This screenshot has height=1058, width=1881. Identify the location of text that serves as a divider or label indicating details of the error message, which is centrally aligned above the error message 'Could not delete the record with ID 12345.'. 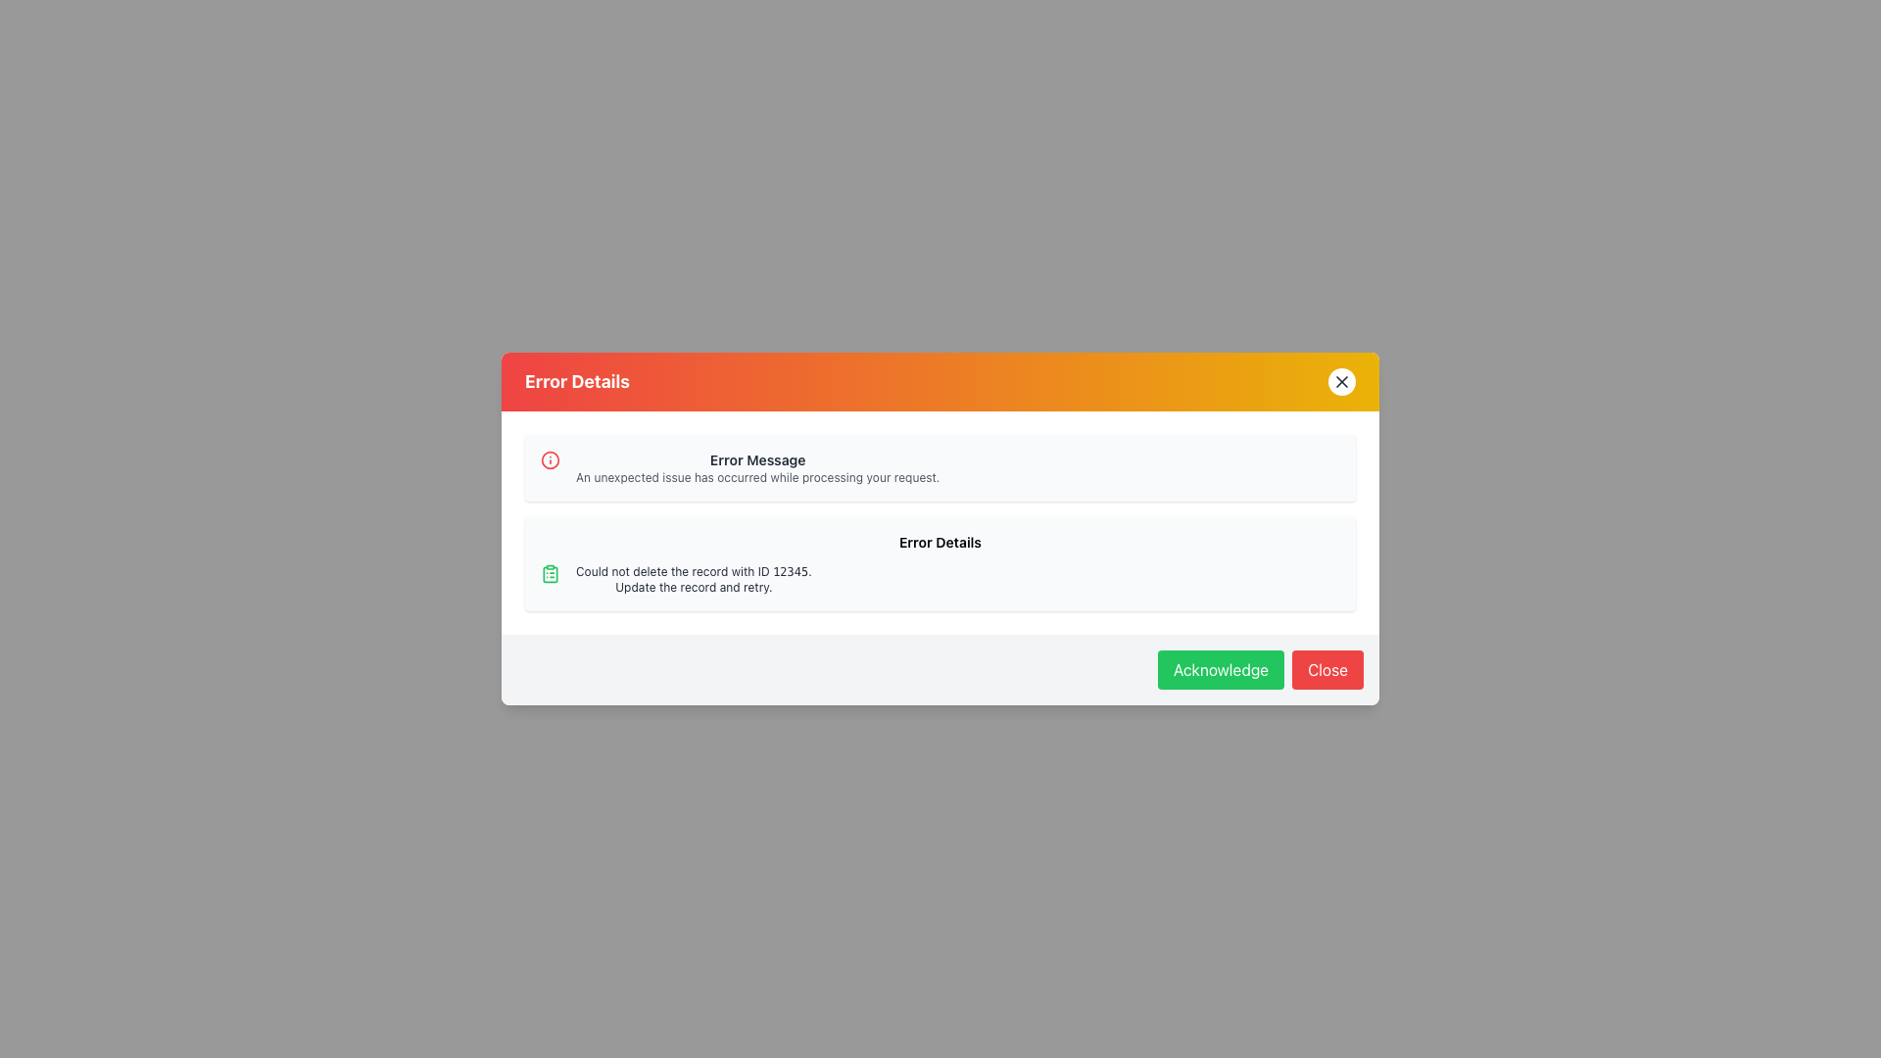
(940, 543).